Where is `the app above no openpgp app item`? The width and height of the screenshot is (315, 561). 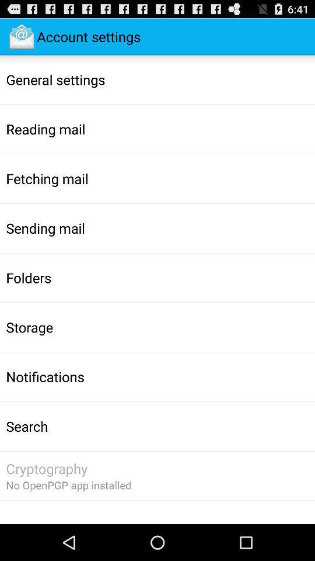 the app above no openpgp app item is located at coordinates (46, 468).